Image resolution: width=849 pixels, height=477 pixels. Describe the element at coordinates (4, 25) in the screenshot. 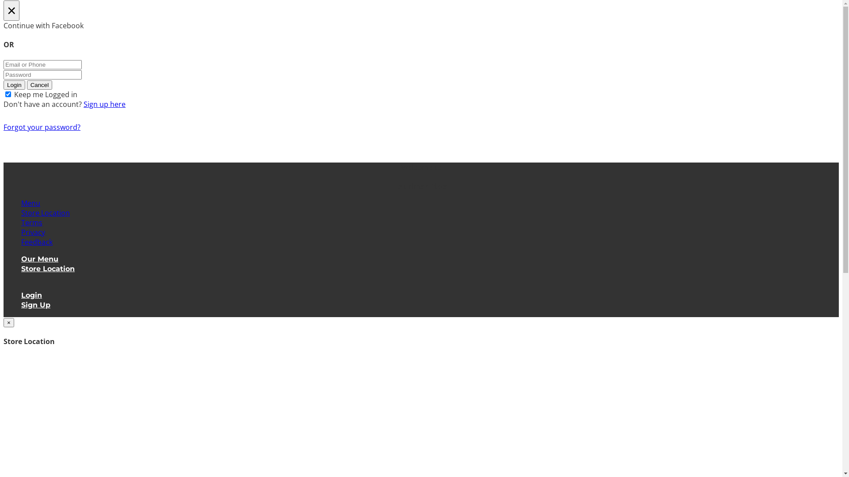

I see `'Continue with Facebook'` at that location.